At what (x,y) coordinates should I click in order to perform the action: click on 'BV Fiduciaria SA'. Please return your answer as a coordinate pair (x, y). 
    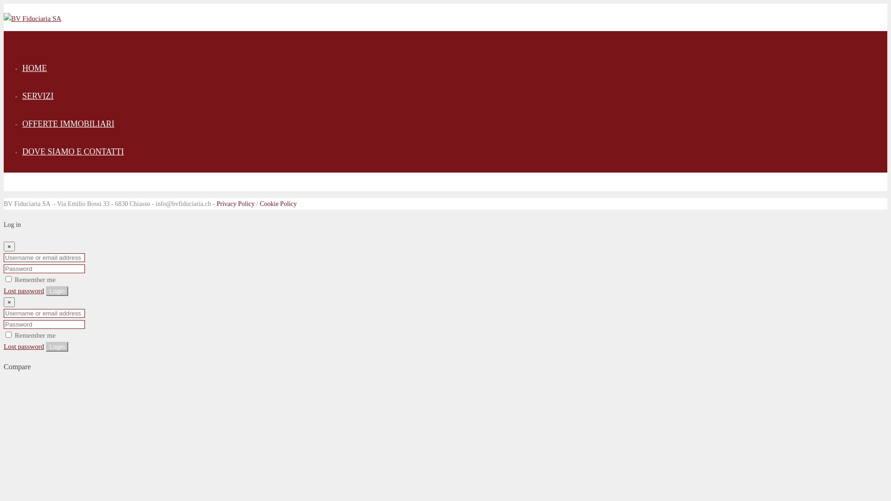
    Looking at the image, I should click on (32, 18).